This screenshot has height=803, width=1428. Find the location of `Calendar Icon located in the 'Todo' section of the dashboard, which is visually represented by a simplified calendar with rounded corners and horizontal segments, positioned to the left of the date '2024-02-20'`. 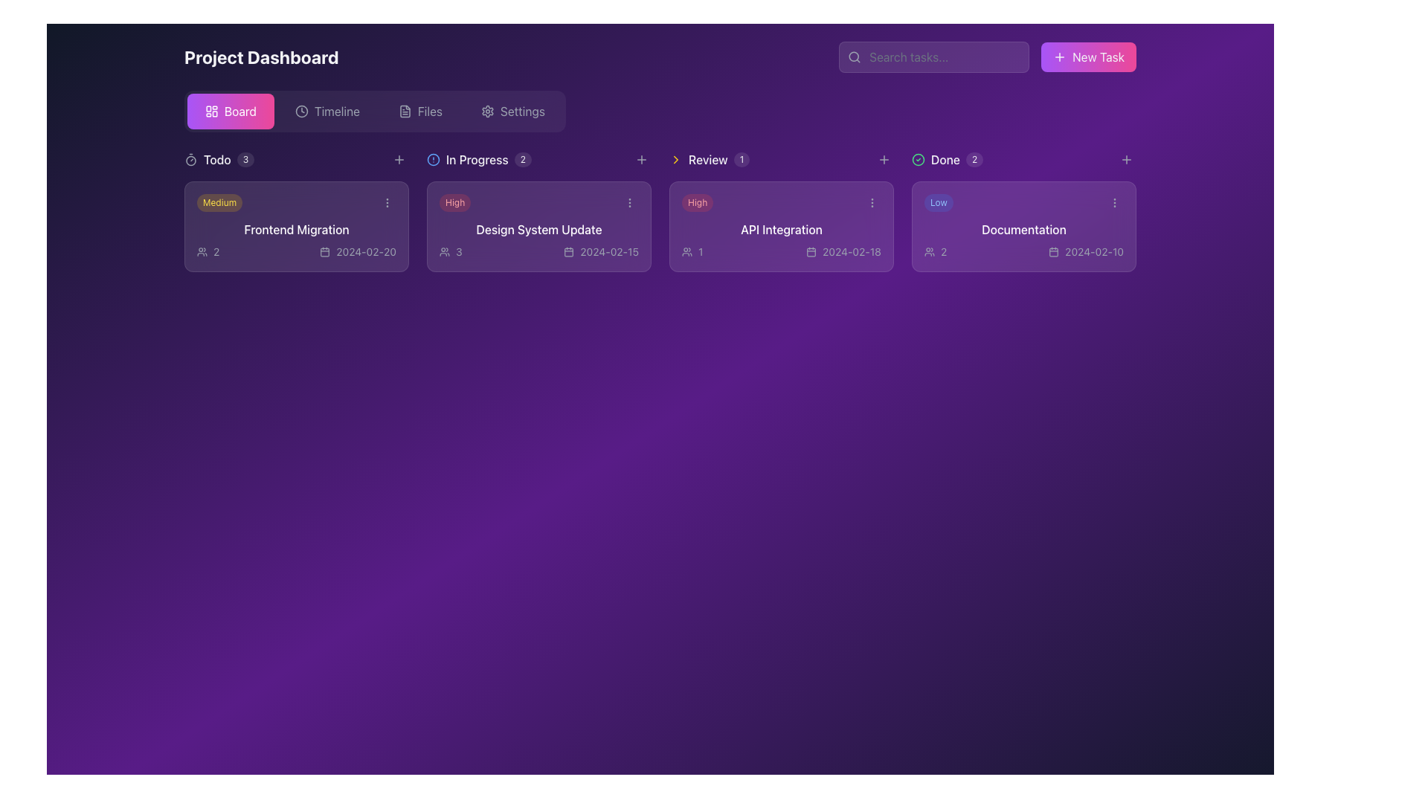

Calendar Icon located in the 'Todo' section of the dashboard, which is visually represented by a simplified calendar with rounded corners and horizontal segments, positioned to the left of the date '2024-02-20' is located at coordinates (324, 251).